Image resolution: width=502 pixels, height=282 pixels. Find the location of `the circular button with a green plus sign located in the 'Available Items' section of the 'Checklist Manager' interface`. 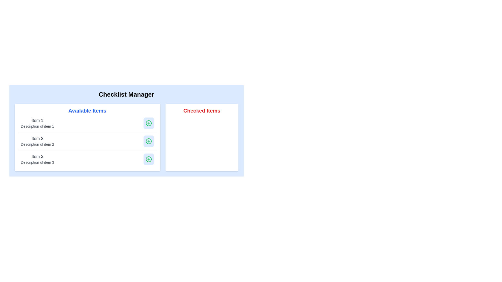

the circular button with a green plus sign located in the 'Available Items' section of the 'Checklist Manager' interface is located at coordinates (148, 159).